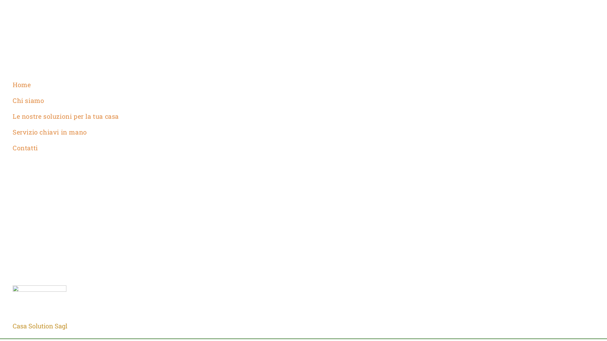 This screenshot has height=341, width=607. What do you see at coordinates (12, 326) in the screenshot?
I see `'Casa Solution'` at bounding box center [12, 326].